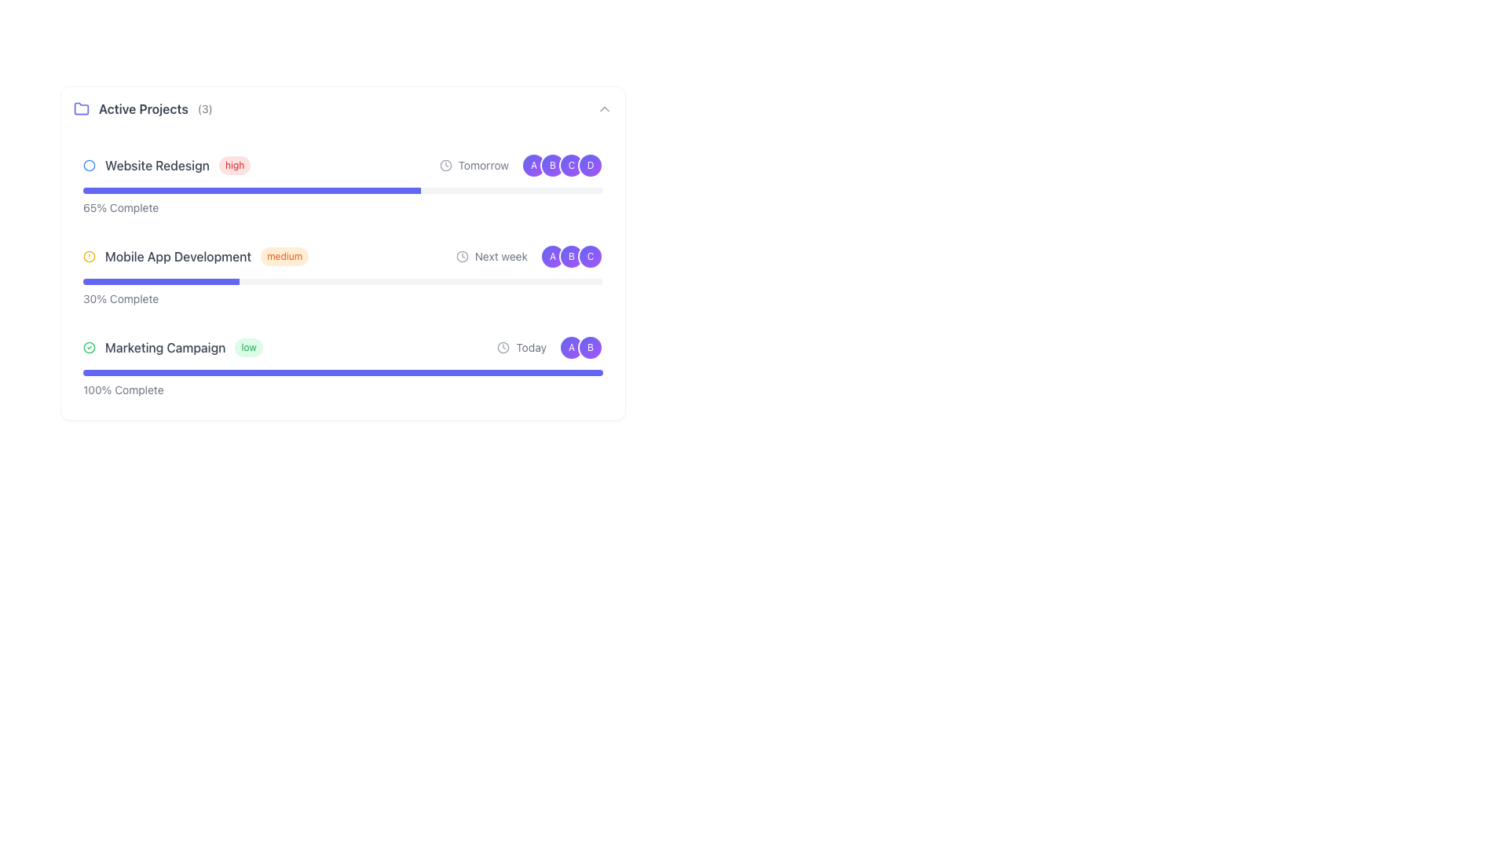  I want to click on the leftmost circular badge icon representing a participant or task in the 'Marketing Campaign' project, located in the 'Active Projects' section, so click(571, 347).